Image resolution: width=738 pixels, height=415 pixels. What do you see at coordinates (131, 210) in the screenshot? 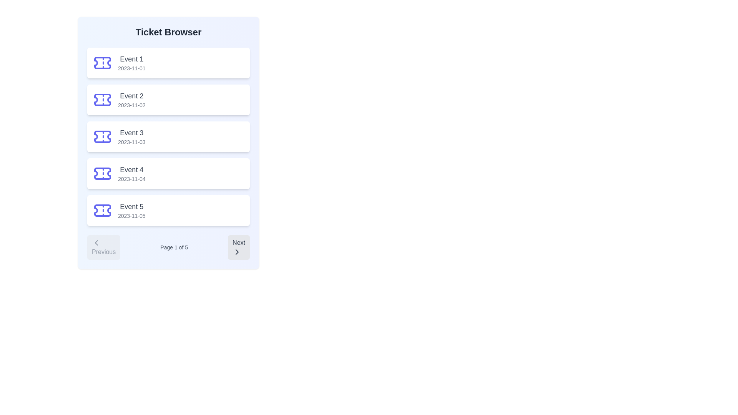
I see `the text block displaying the event title 'Event 5' and date '2023-11-05'` at bounding box center [131, 210].